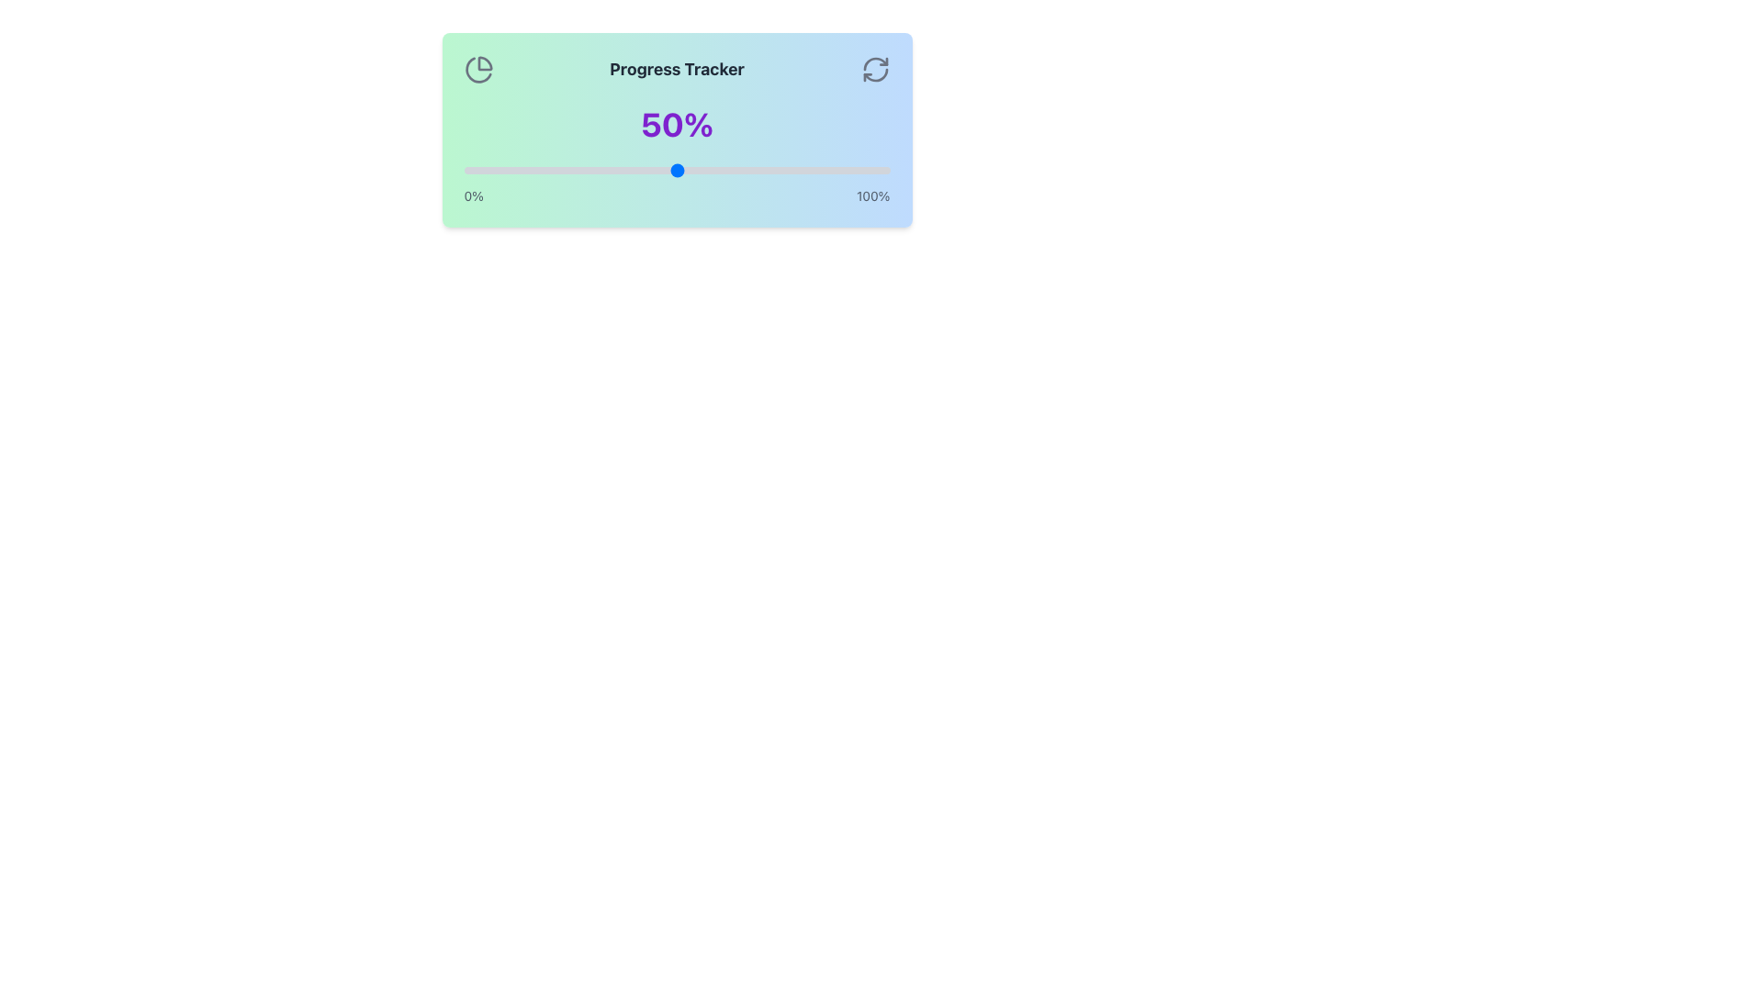  What do you see at coordinates (676, 69) in the screenshot?
I see `the text label that serves as a header for the card, indicating progress tracking, positioned centrally at the upper section of the card interface` at bounding box center [676, 69].